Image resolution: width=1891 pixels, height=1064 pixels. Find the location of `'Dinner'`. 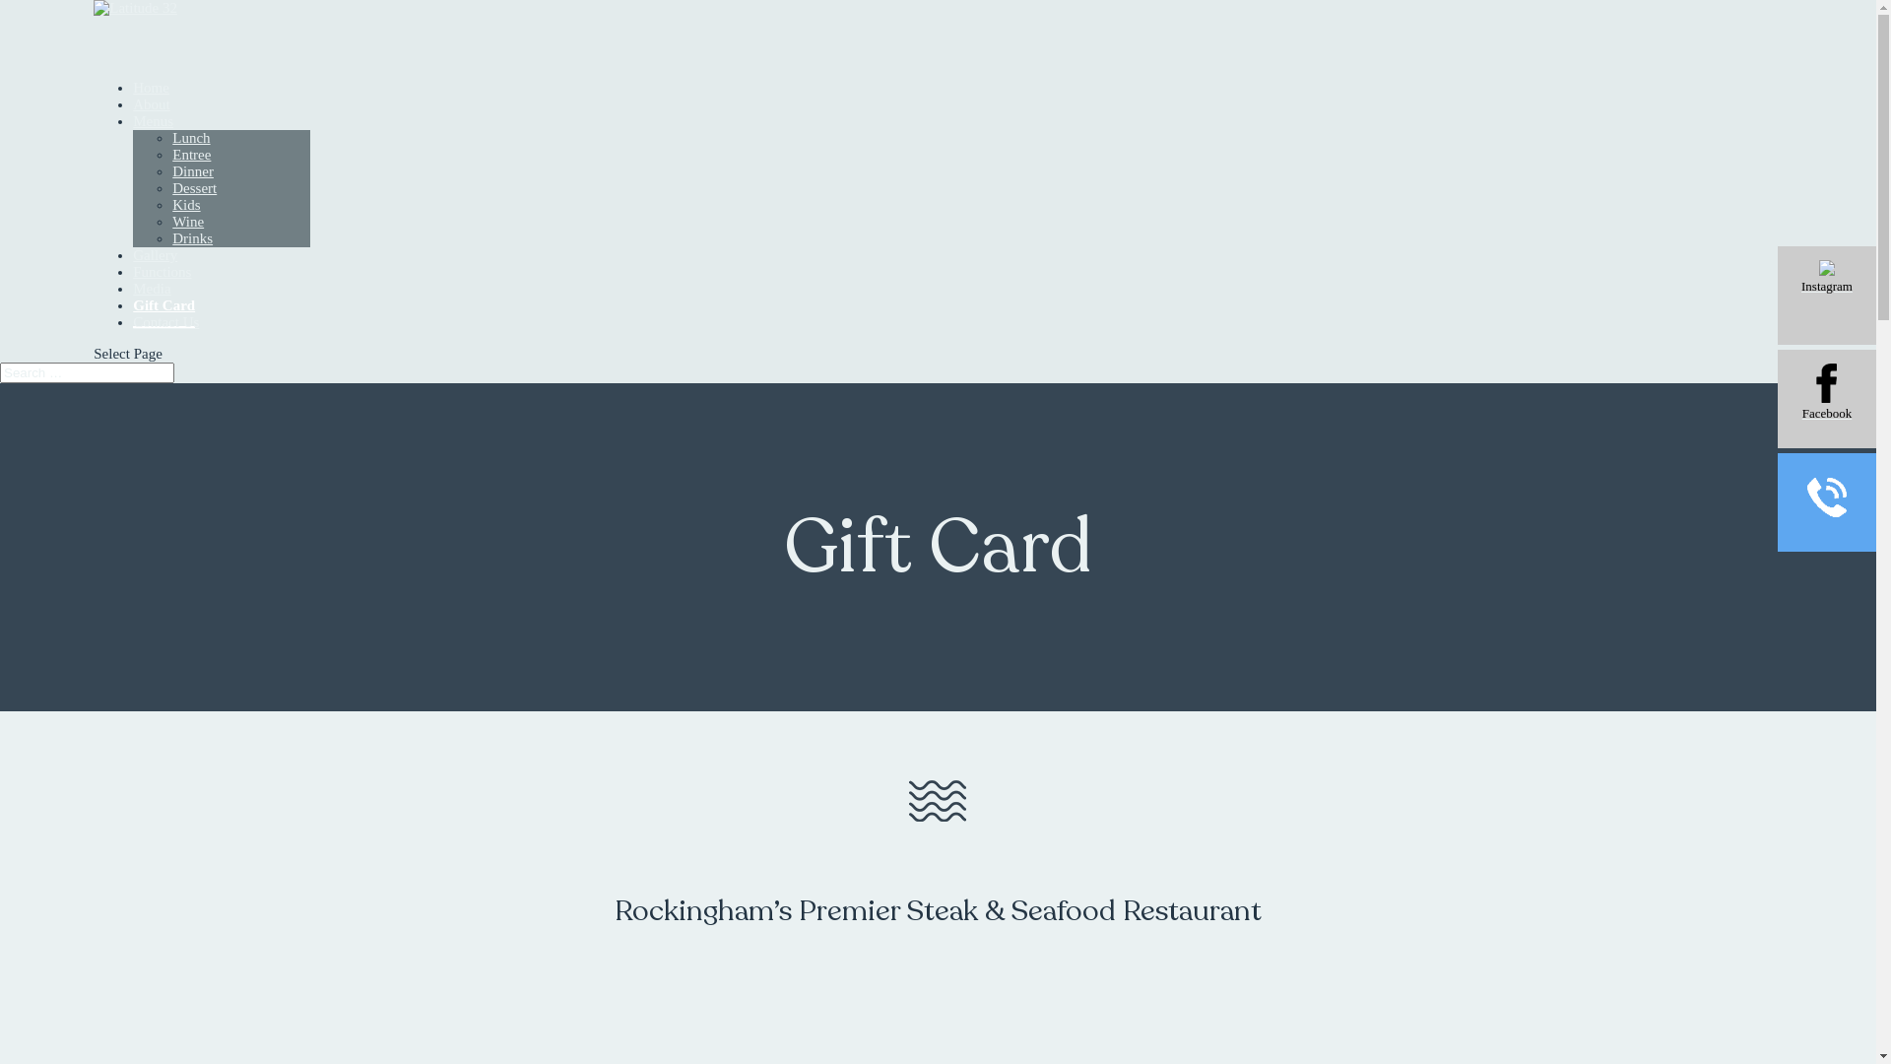

'Dinner' is located at coordinates (193, 169).